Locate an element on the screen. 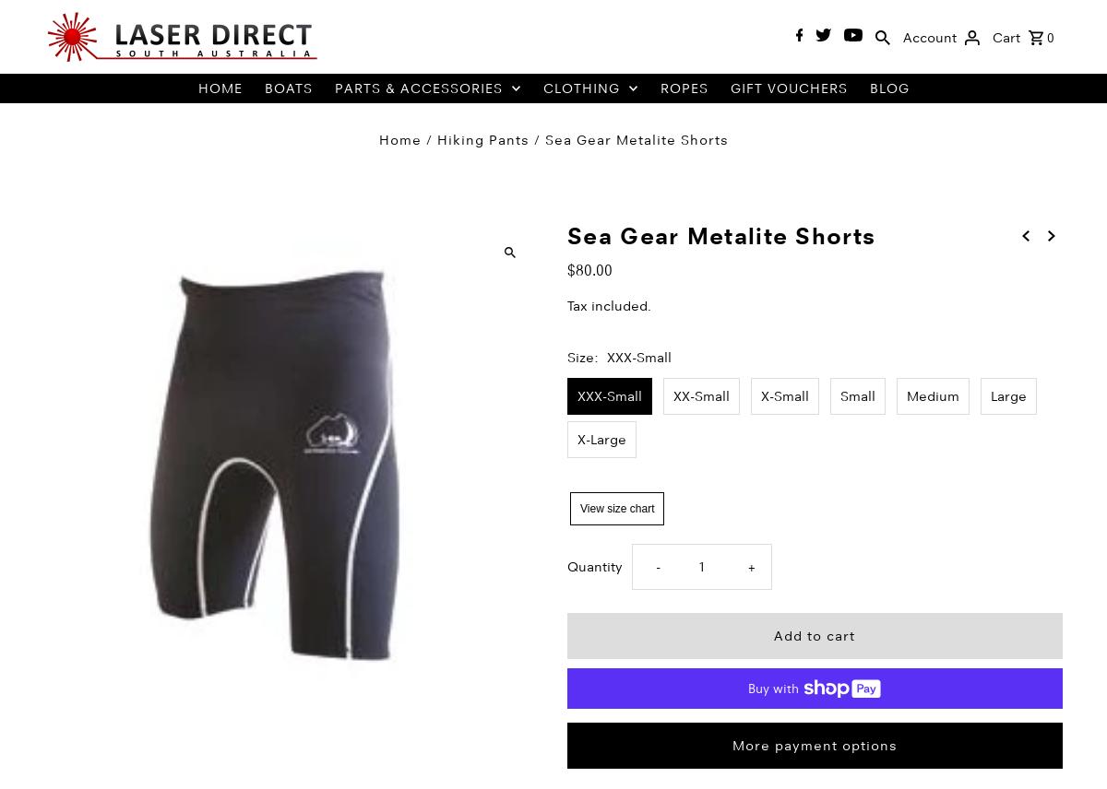 The image size is (1107, 789). 'Covers' is located at coordinates (360, 227).